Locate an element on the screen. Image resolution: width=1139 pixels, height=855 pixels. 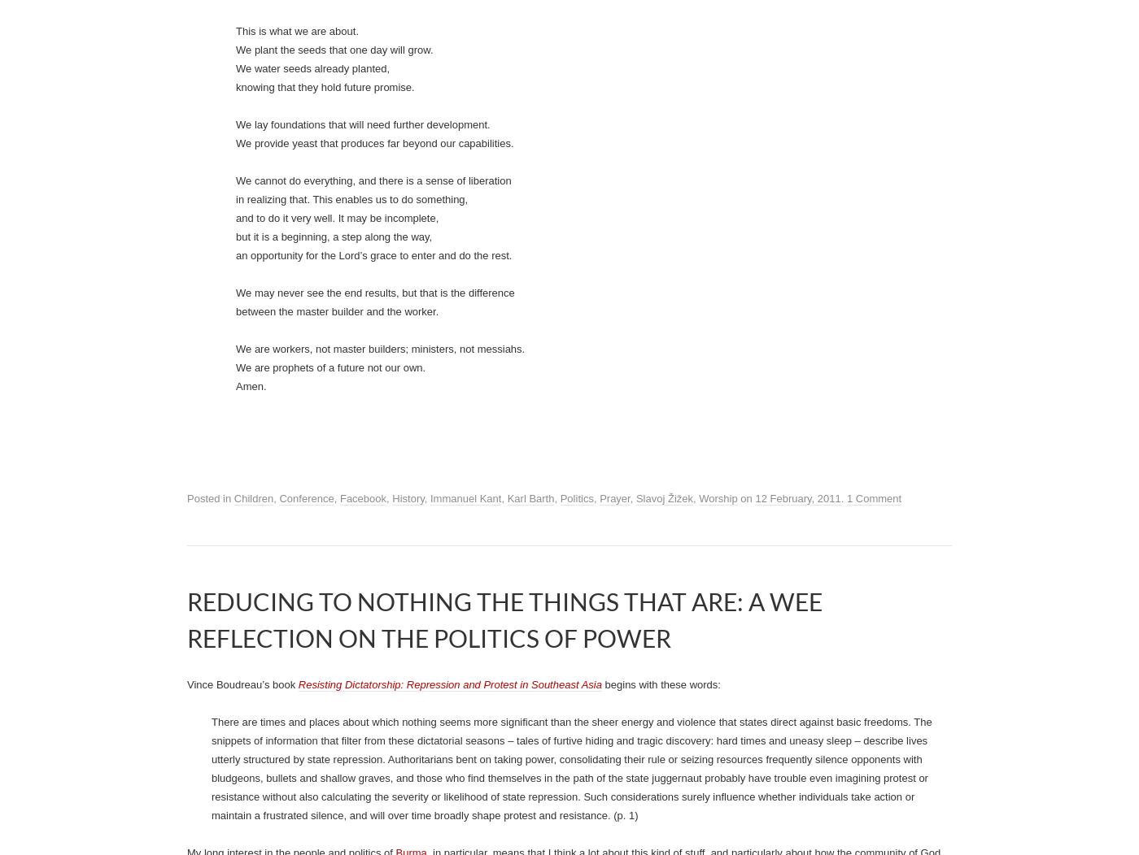
'We provide yeast that produces far beyond our capabilities.' is located at coordinates (374, 766).